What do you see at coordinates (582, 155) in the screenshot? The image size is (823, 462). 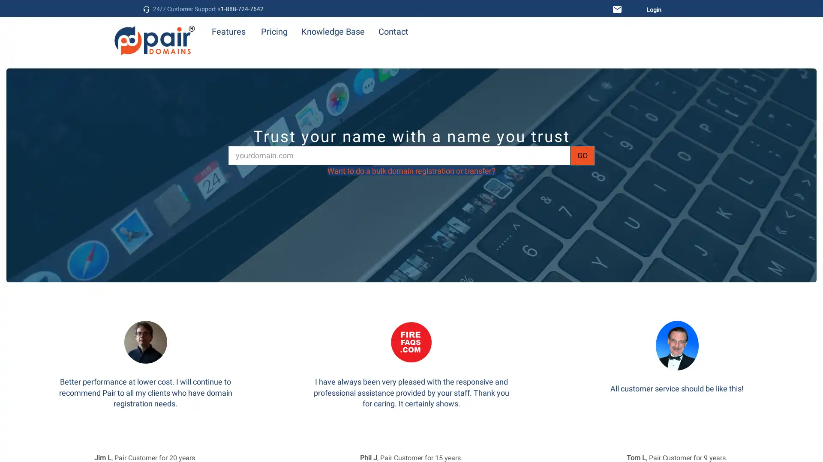 I see `GO` at bounding box center [582, 155].